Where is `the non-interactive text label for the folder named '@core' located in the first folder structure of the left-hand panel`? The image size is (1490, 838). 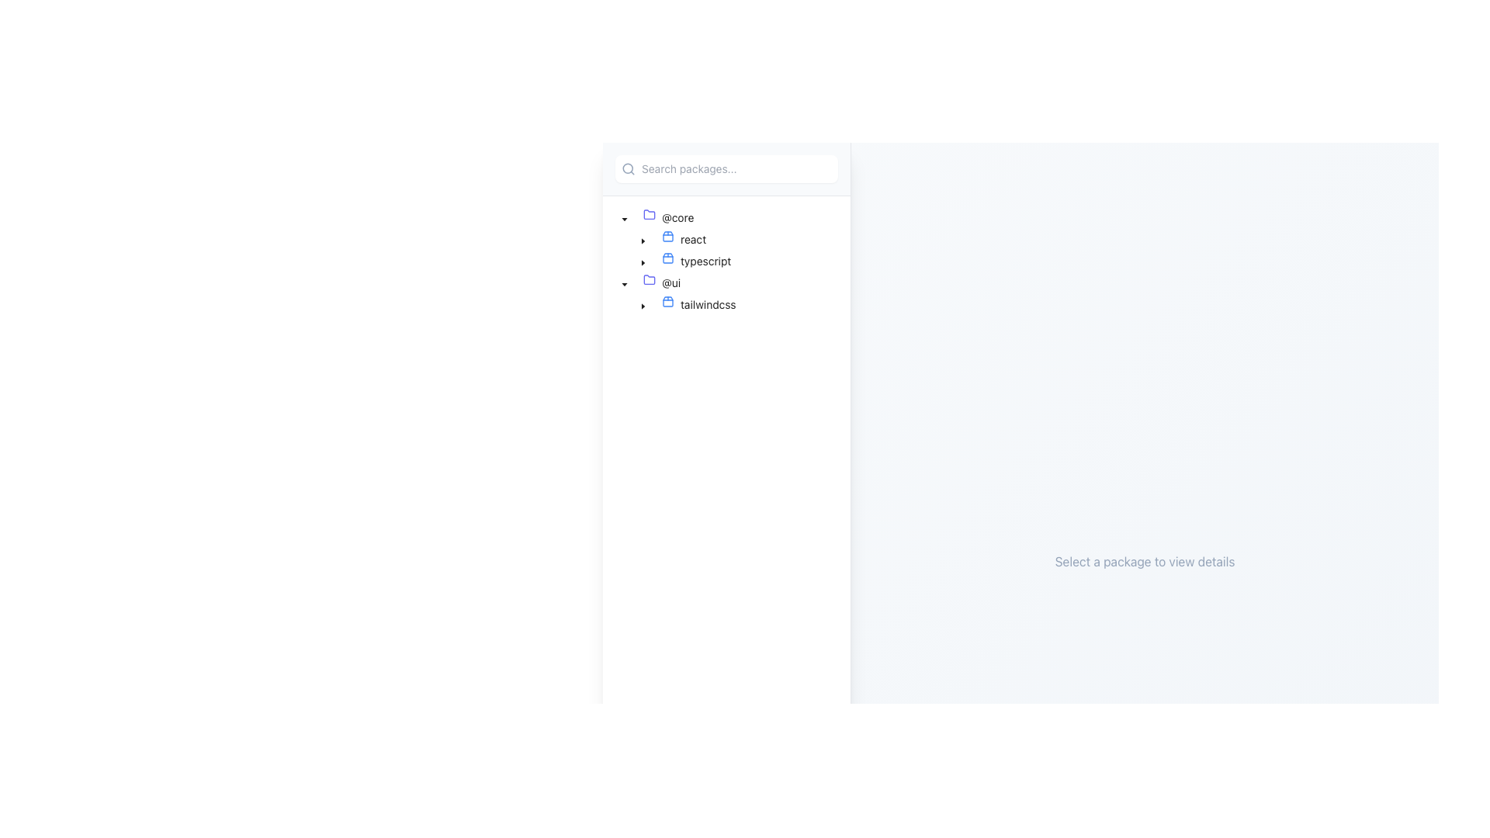 the non-interactive text label for the folder named '@core' located in the first folder structure of the left-hand panel is located at coordinates (677, 217).